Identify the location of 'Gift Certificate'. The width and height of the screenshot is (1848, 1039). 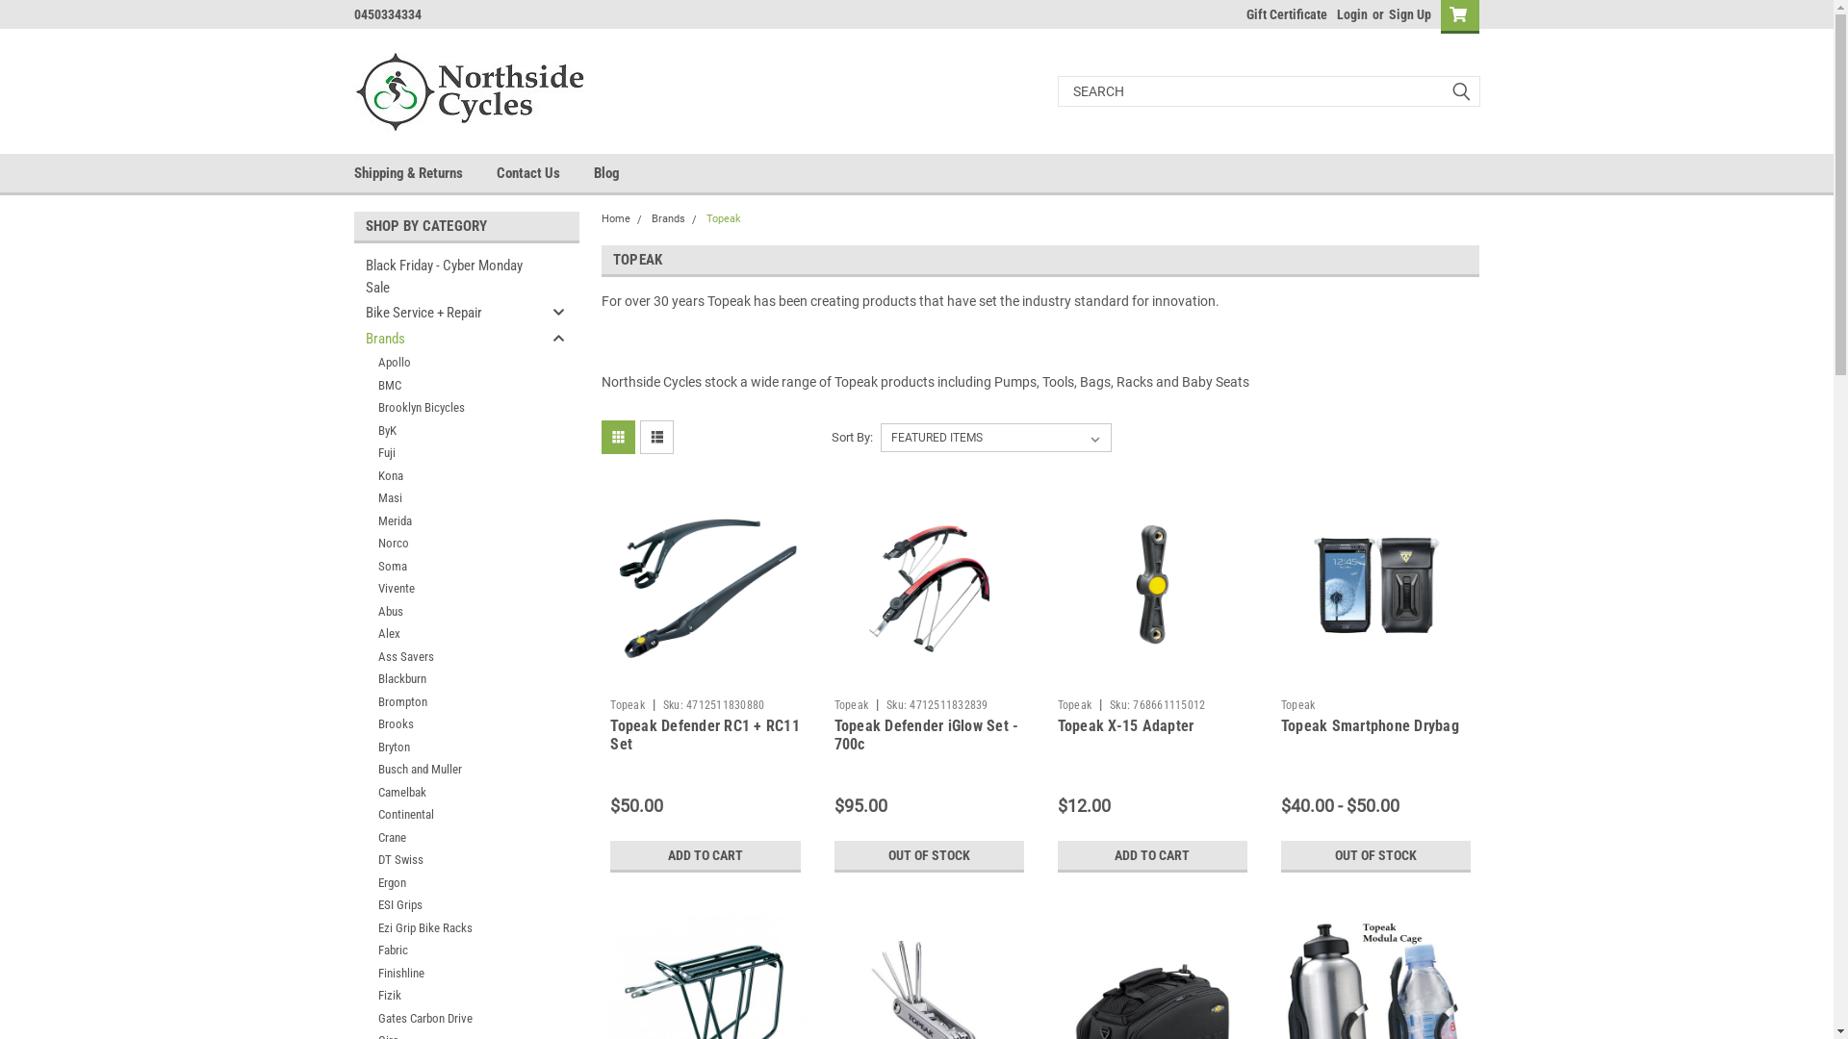
(1280, 14).